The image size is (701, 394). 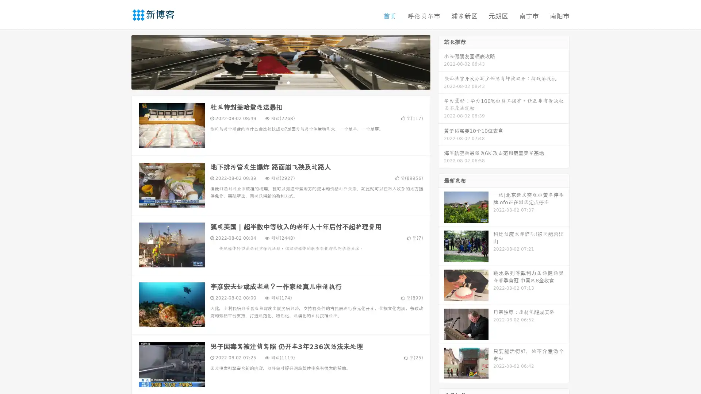 I want to click on Next slide, so click(x=441, y=61).